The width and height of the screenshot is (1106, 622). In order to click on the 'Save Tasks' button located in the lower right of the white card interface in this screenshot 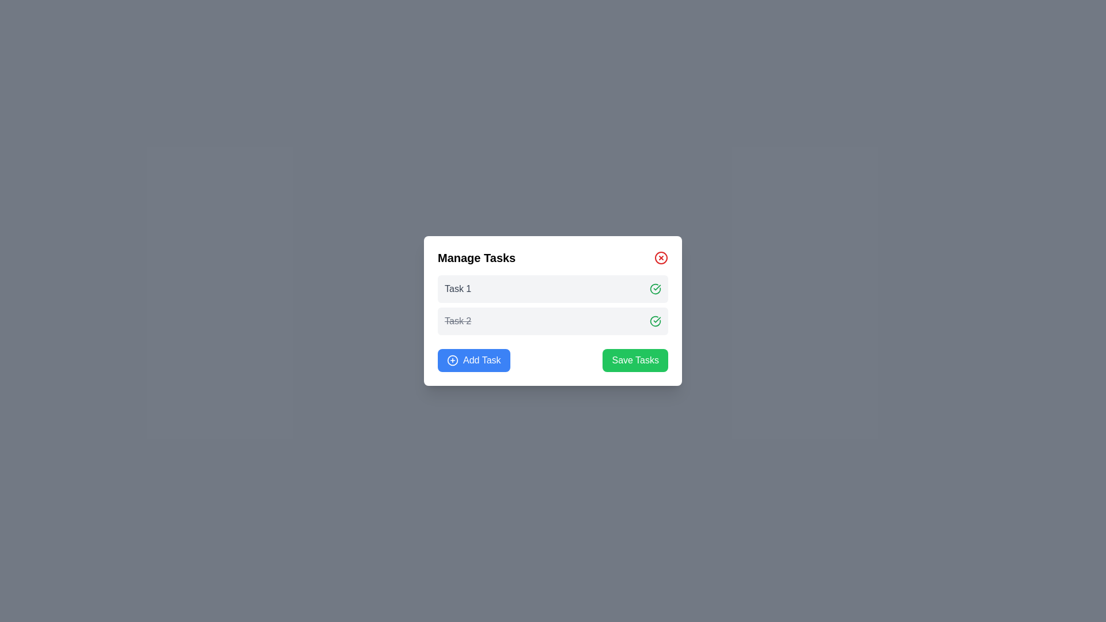, I will do `click(635, 359)`.